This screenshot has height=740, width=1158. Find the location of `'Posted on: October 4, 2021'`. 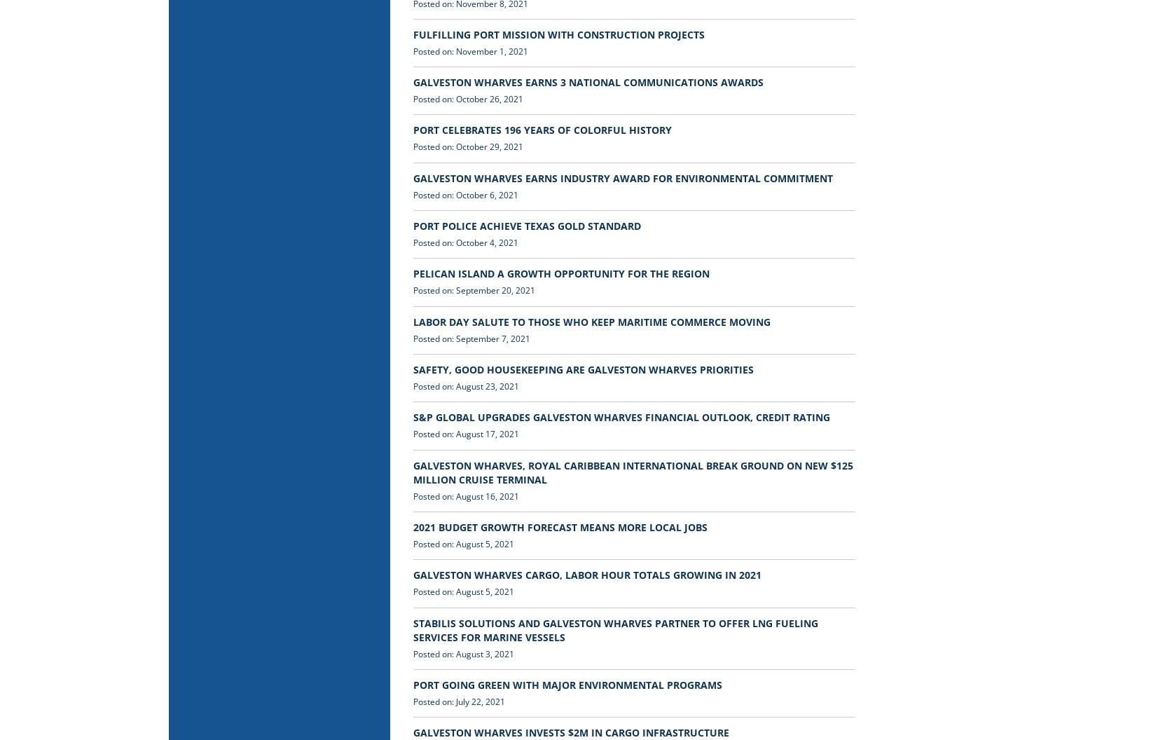

'Posted on: October 4, 2021' is located at coordinates (465, 242).